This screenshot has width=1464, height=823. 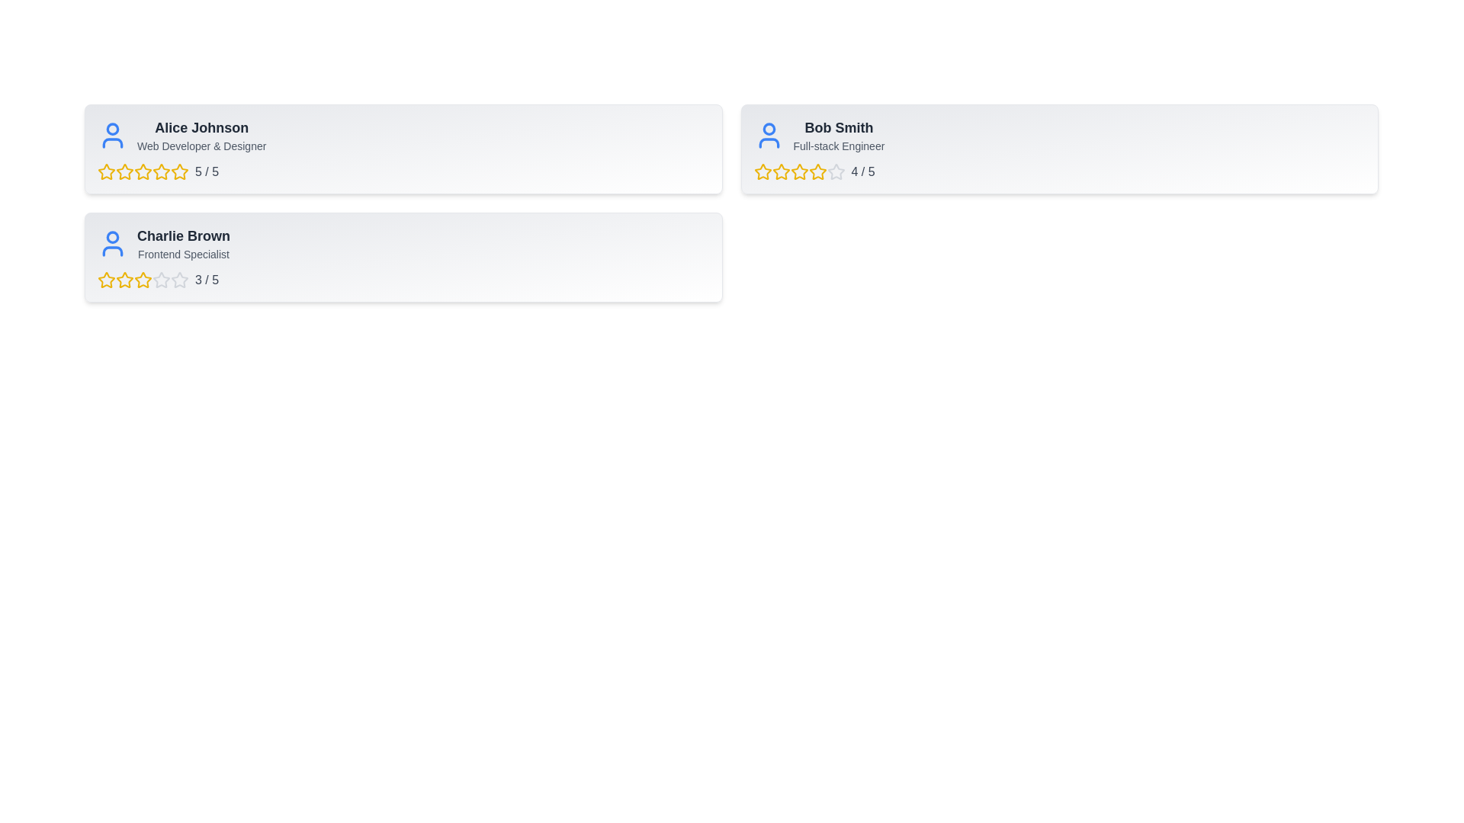 I want to click on the 2 star for the user Alice Johnson to set their rating, so click(x=124, y=171).